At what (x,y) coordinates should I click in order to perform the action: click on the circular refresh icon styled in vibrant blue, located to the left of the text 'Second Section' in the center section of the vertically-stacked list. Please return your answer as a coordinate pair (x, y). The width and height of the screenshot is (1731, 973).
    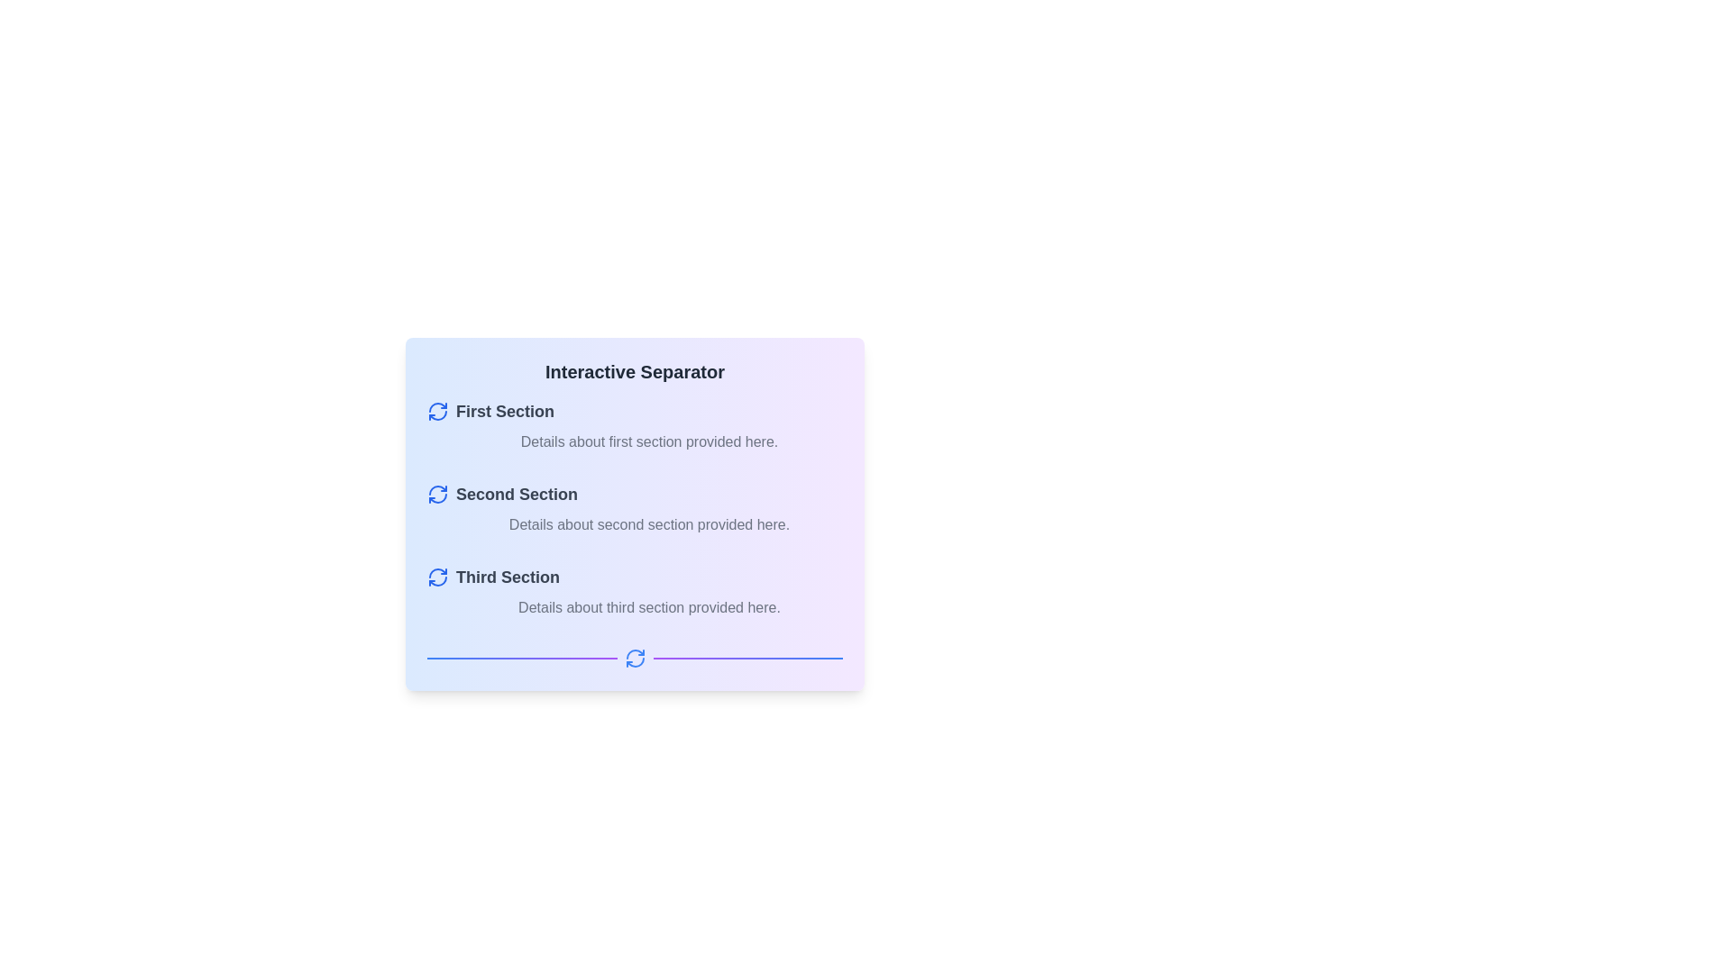
    Looking at the image, I should click on (437, 494).